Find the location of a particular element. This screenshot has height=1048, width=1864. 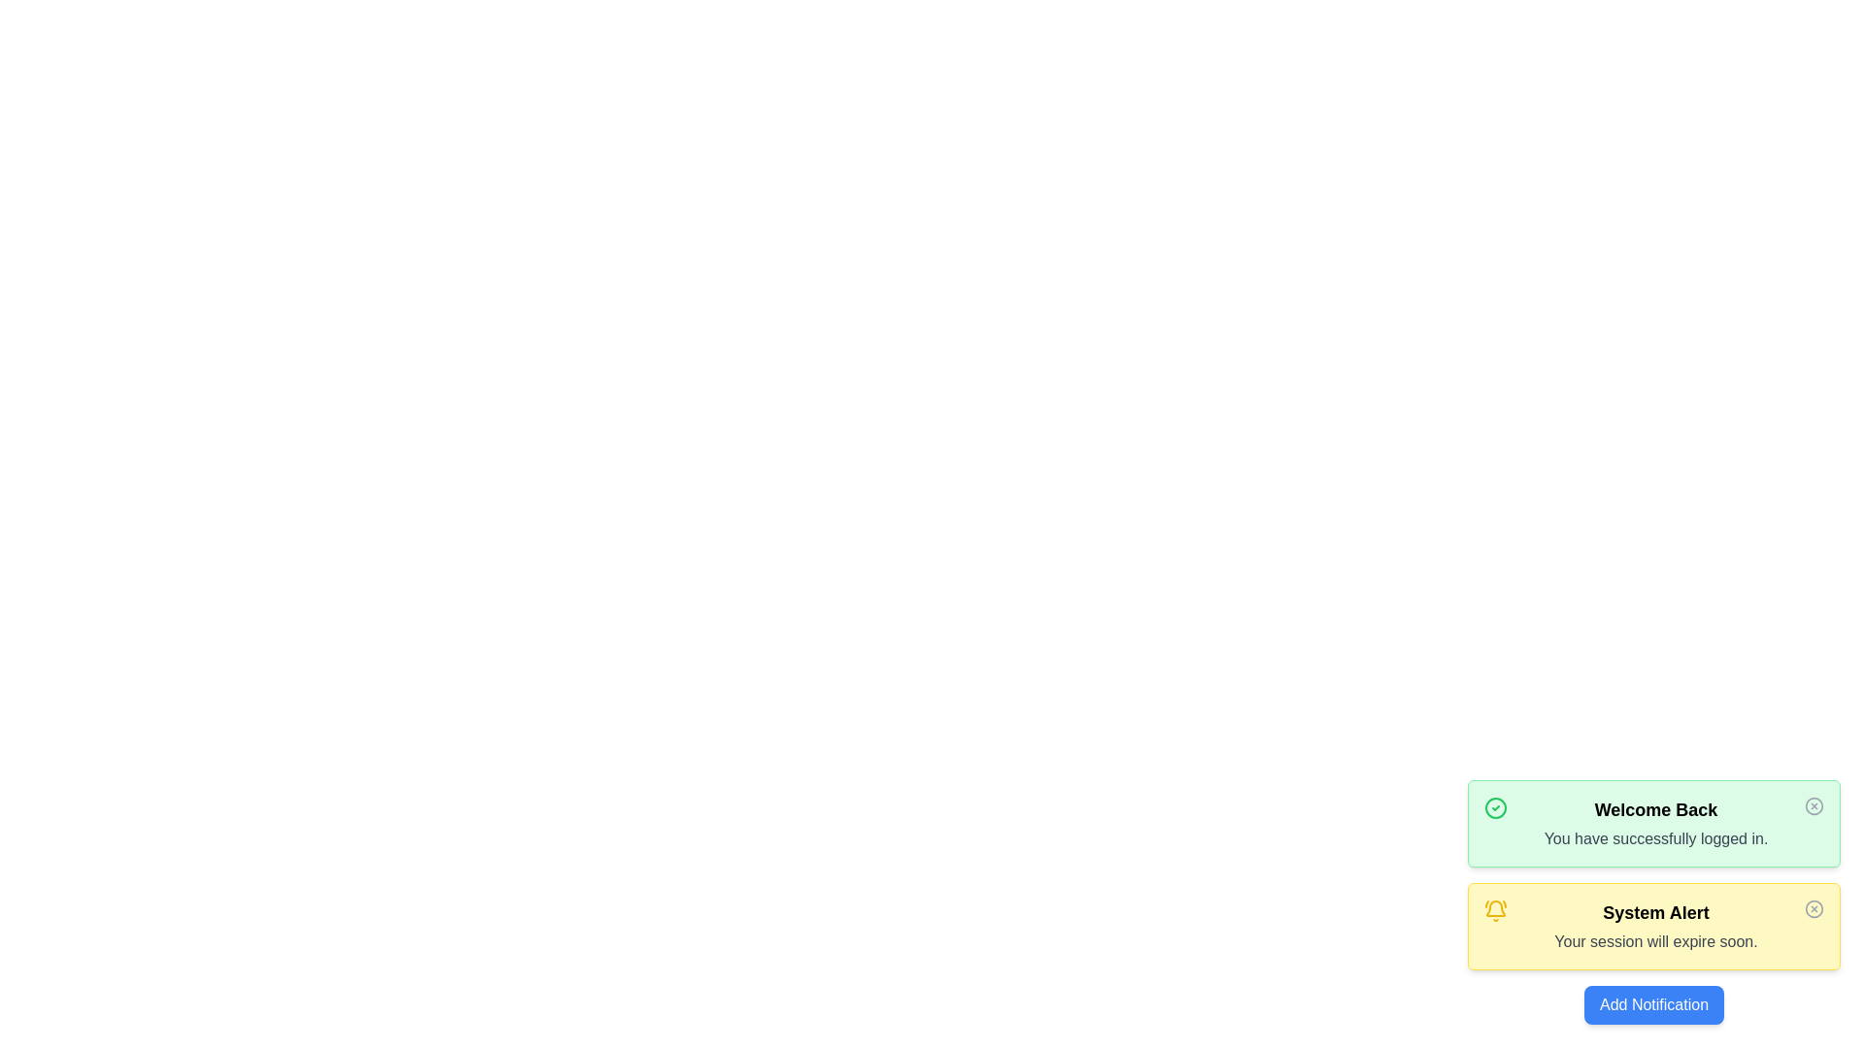

the small circular button with a light gray outline and darker gray symbol located at the top-right corner of the 'System Alert' notification box is located at coordinates (1813, 909).